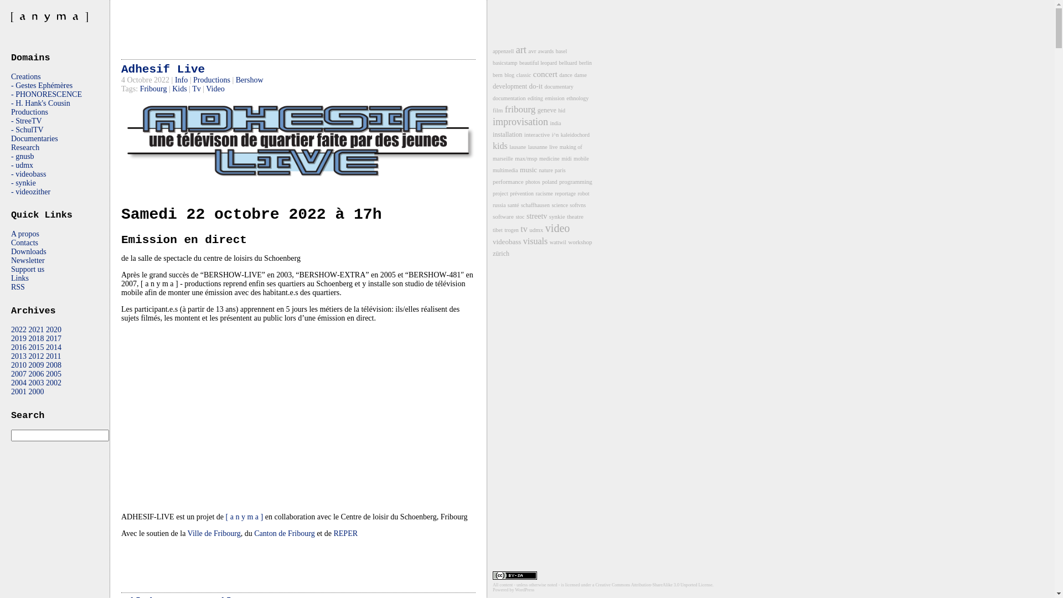 The width and height of the screenshot is (1063, 598). What do you see at coordinates (53, 382) in the screenshot?
I see `'2002'` at bounding box center [53, 382].